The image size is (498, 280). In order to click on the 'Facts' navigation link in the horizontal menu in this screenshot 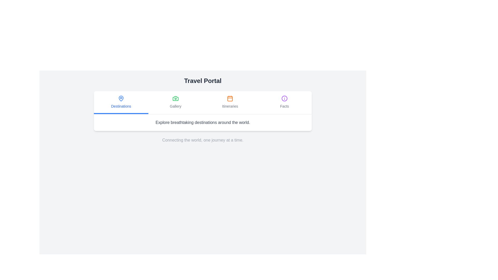, I will do `click(284, 102)`.